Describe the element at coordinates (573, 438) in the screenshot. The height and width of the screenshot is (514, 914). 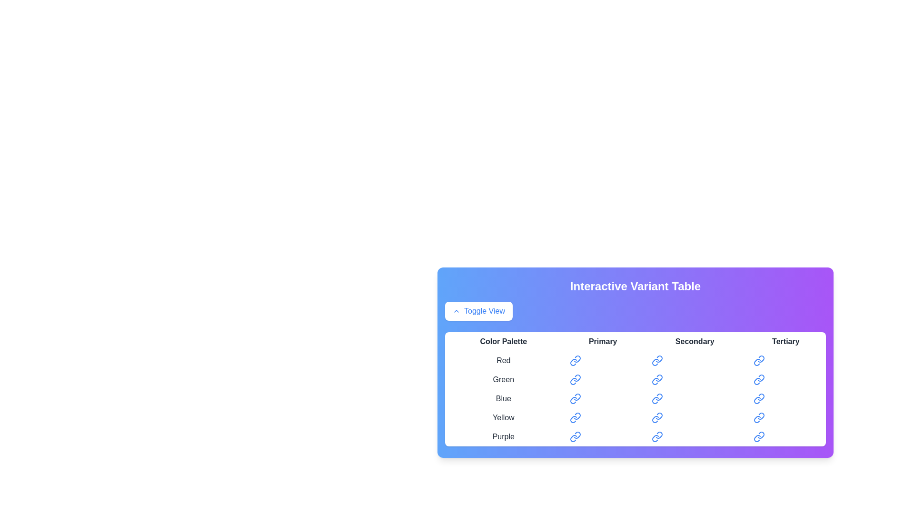
I see `the interactive purple chain-link SVG icon located` at that location.